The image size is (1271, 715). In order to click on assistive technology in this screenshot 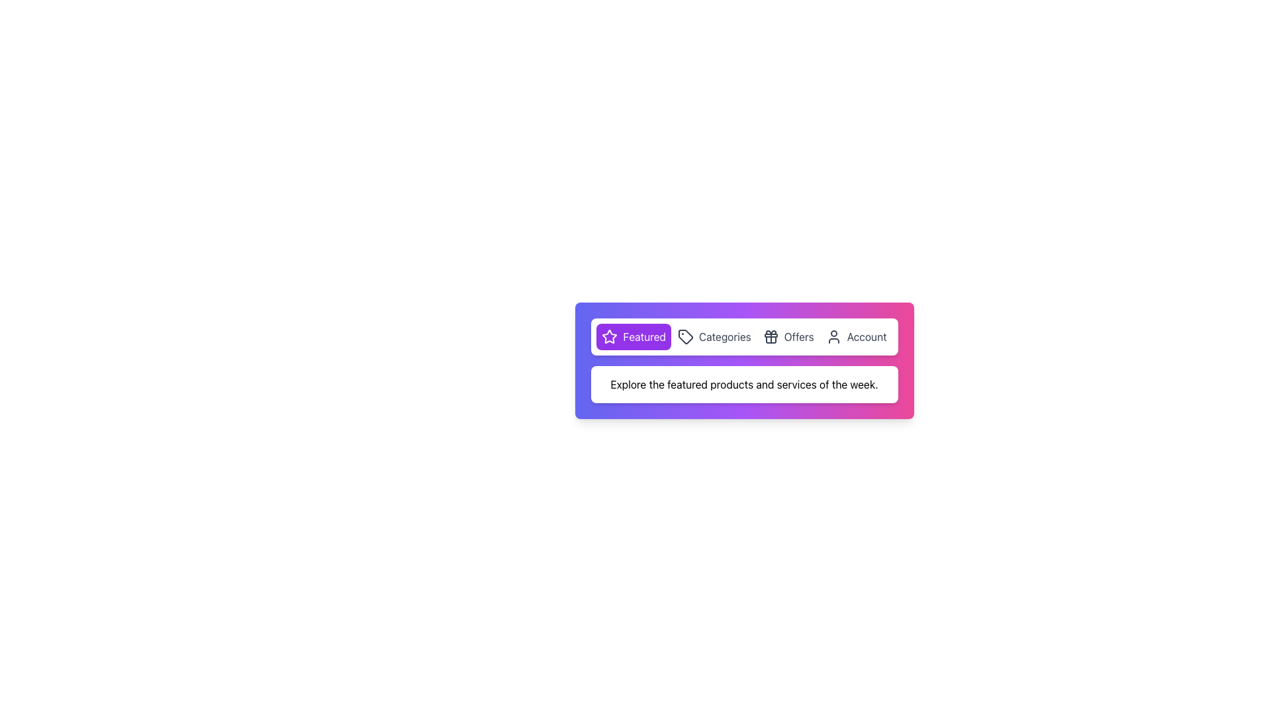, I will do `click(609, 336)`.